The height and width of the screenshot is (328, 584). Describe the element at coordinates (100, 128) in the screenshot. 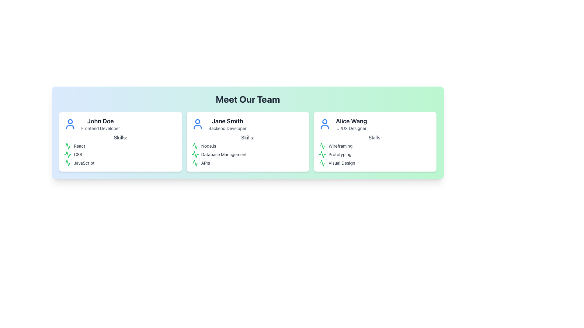

I see `the text label displaying 'Frontend Developer' which is styled in gray and positioned directly beneath 'John Doe' in the 'Meet Our Team' section` at that location.